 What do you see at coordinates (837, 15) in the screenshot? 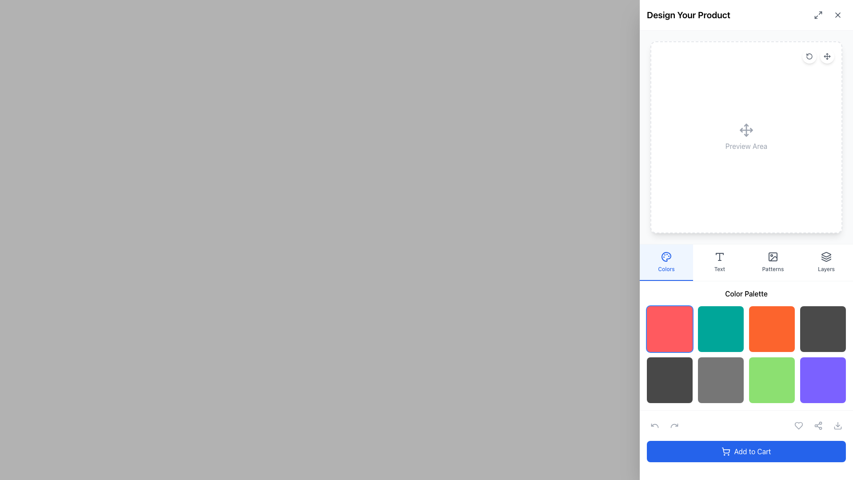
I see `the small close ('x') button icon located in the upper-right corner of the 'Design Your Product' panel, adjacent to the fullscreen expand button` at bounding box center [837, 15].